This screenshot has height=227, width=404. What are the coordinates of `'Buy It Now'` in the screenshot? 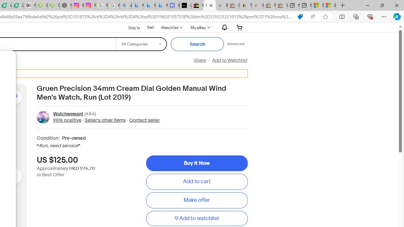 It's located at (196, 163).